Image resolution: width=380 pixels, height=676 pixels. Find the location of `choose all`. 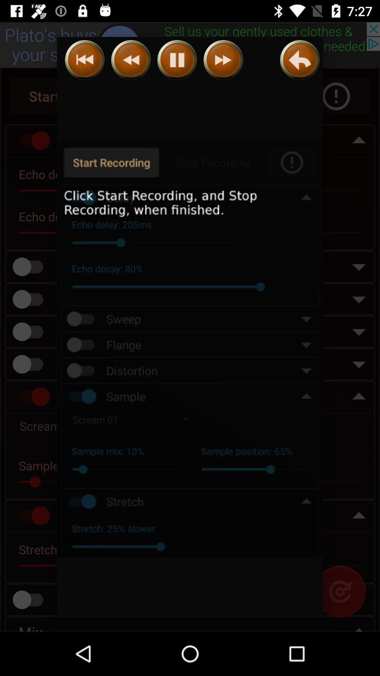

choose all is located at coordinates (190, 349).